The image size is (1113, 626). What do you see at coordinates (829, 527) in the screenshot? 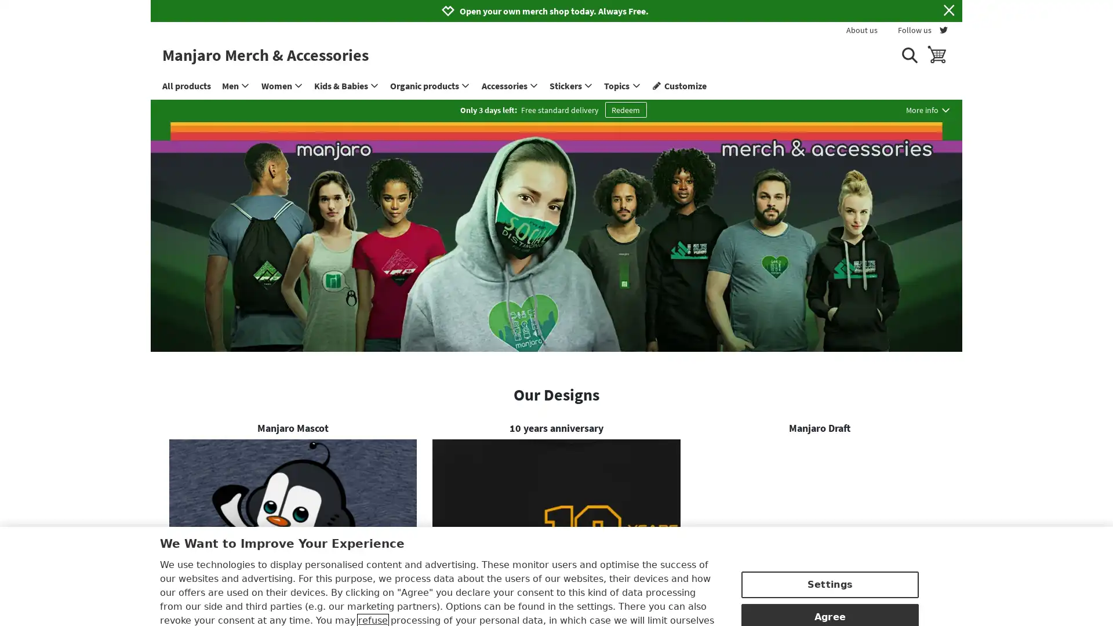
I see `Settings` at bounding box center [829, 527].